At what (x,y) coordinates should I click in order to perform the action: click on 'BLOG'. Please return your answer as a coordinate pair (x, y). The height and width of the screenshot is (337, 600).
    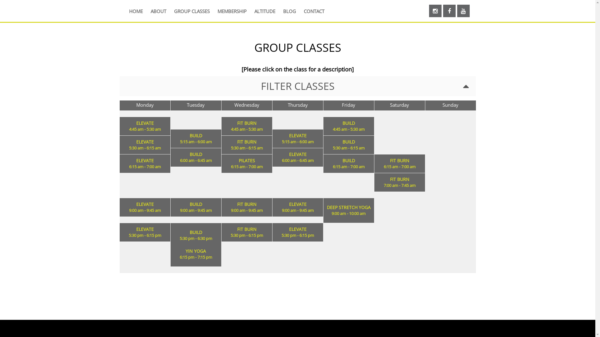
    Looking at the image, I should click on (283, 12).